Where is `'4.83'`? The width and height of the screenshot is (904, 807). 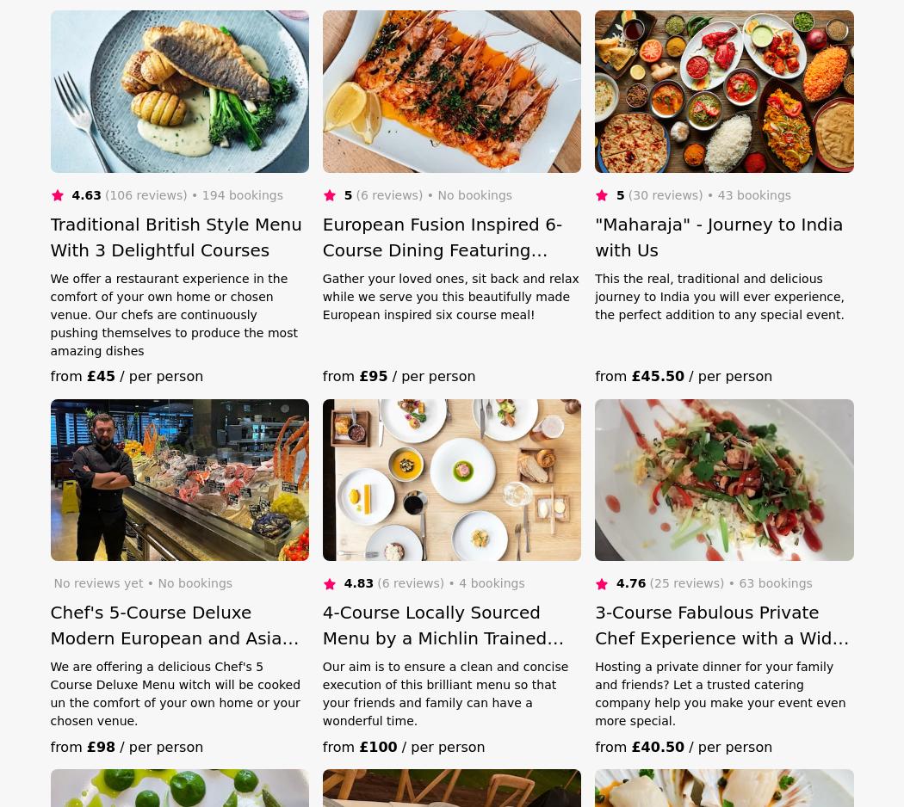
'4.83' is located at coordinates (357, 582).